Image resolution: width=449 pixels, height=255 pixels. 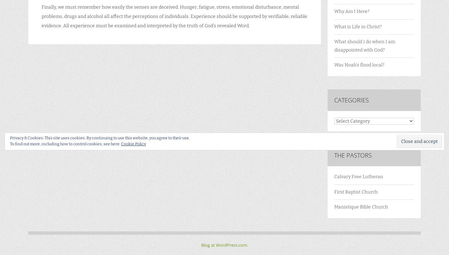 What do you see at coordinates (334, 11) in the screenshot?
I see `'Why Am I Here?'` at bounding box center [334, 11].